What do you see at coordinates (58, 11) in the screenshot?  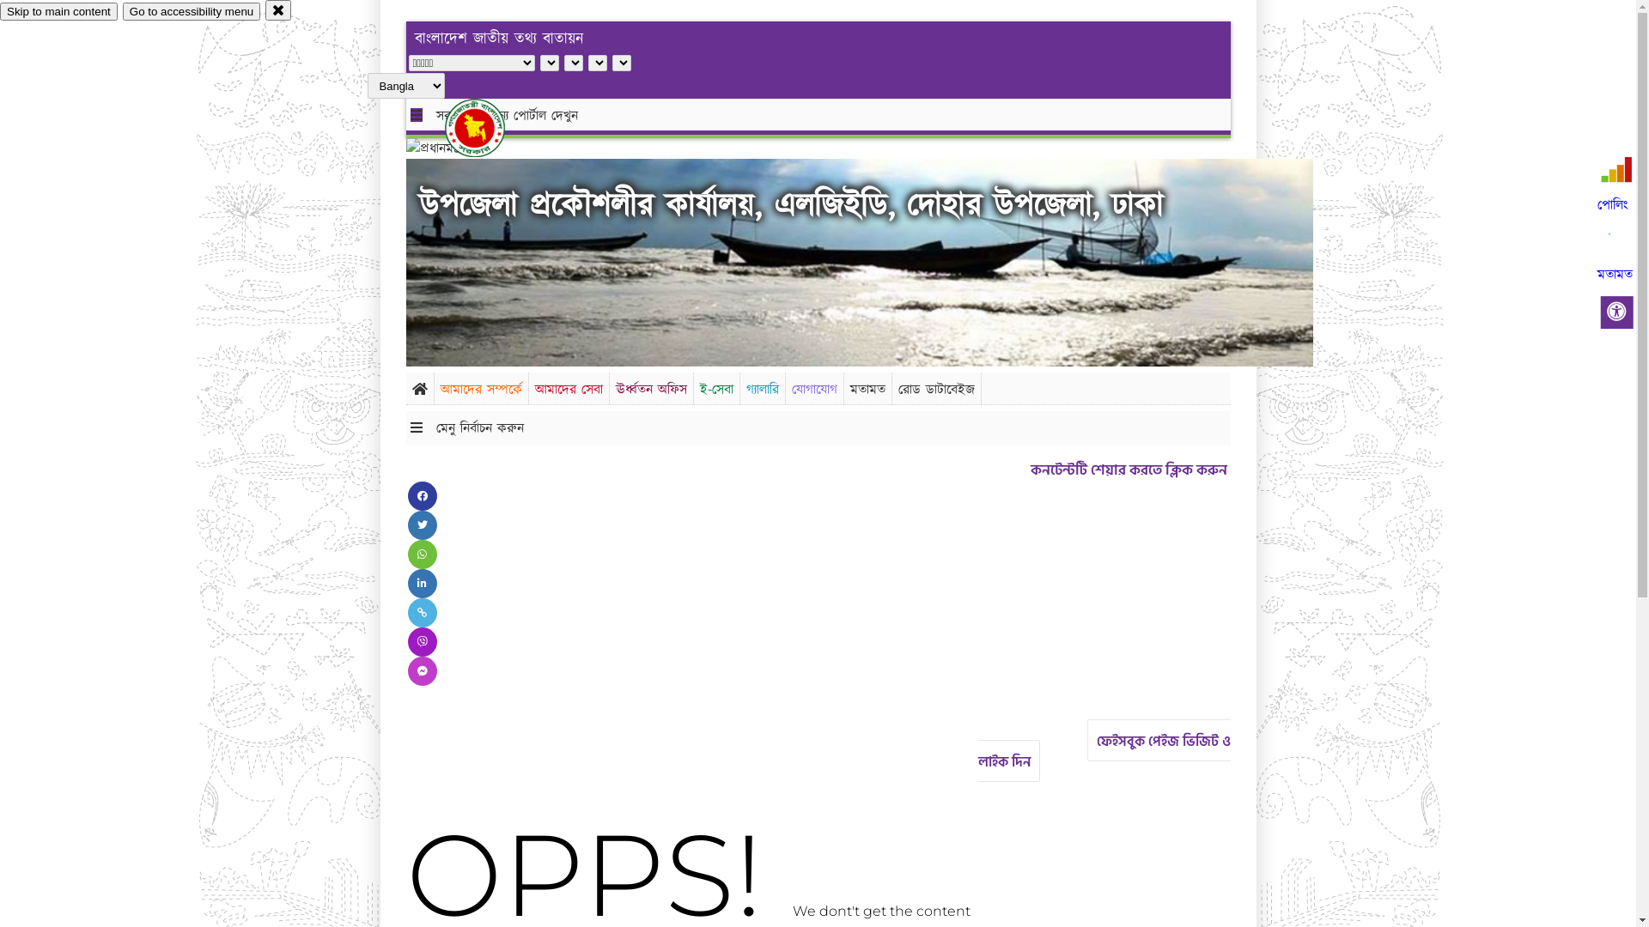 I see `'Skip to main content'` at bounding box center [58, 11].